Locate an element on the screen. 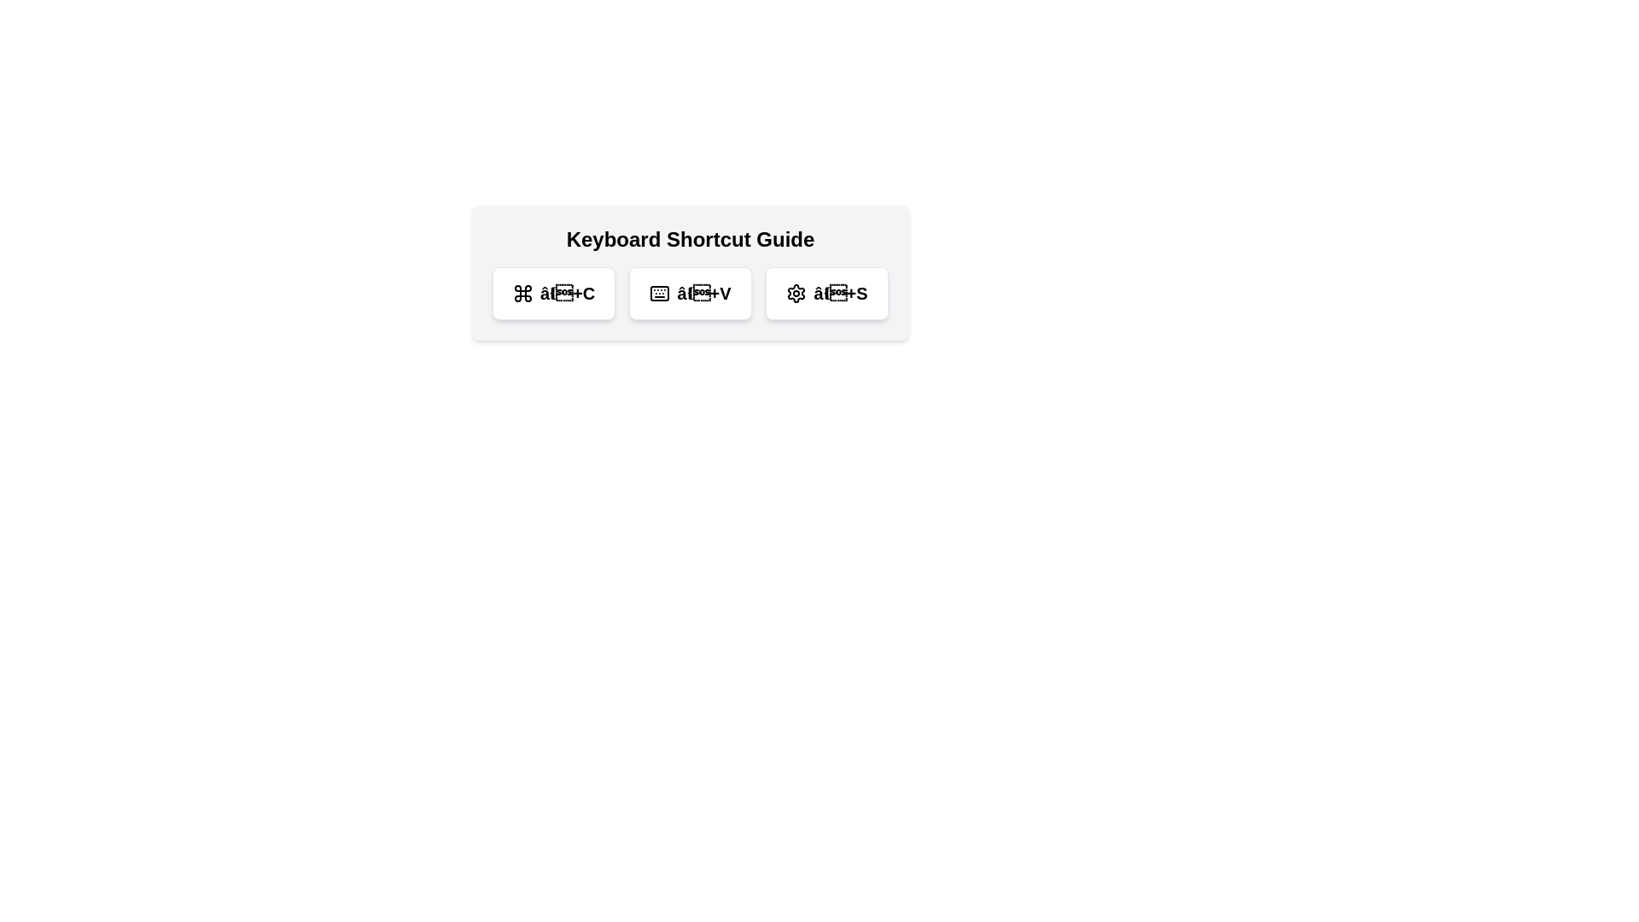 Image resolution: width=1639 pixels, height=922 pixels. the third button labeled 'â+S' to access its related functionality based on its informational content is located at coordinates (827, 292).